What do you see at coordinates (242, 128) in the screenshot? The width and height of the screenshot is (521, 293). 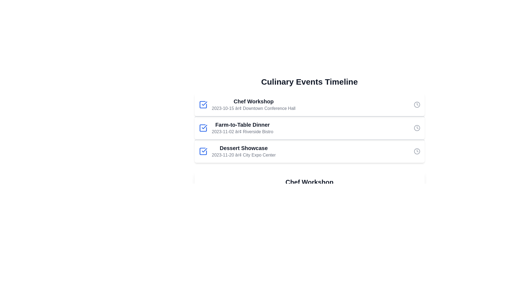 I see `the second event in the 'Culinary Events Timeline' to see more details, which includes the event title, date, and location, positioned between 'Chef Workshop' and 'Dessert Showcase'` at bounding box center [242, 128].